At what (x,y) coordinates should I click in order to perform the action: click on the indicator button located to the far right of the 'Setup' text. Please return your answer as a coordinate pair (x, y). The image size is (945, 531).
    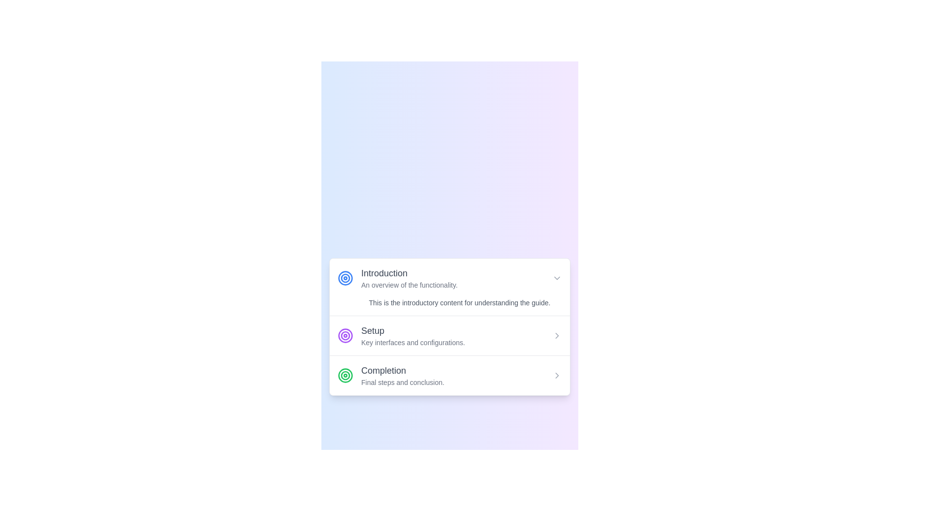
    Looking at the image, I should click on (557, 335).